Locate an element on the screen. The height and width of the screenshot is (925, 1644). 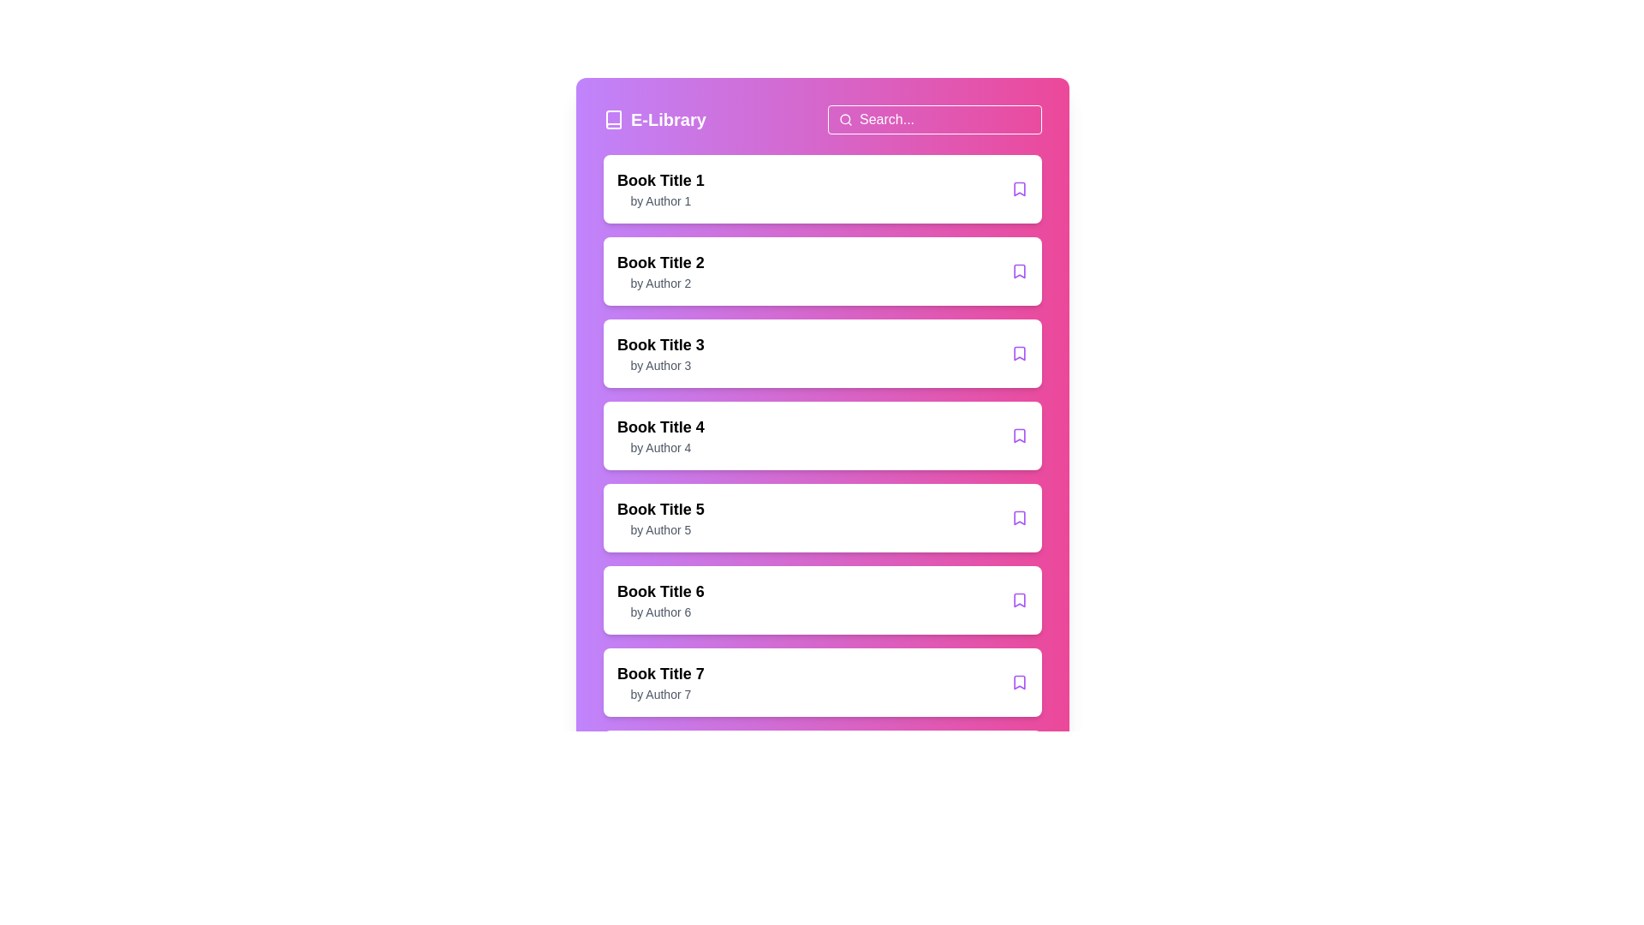
the text label displaying 'by Author 4' located below 'Book Title 4' in the fourth entry of the E-Library interface is located at coordinates (659, 447).